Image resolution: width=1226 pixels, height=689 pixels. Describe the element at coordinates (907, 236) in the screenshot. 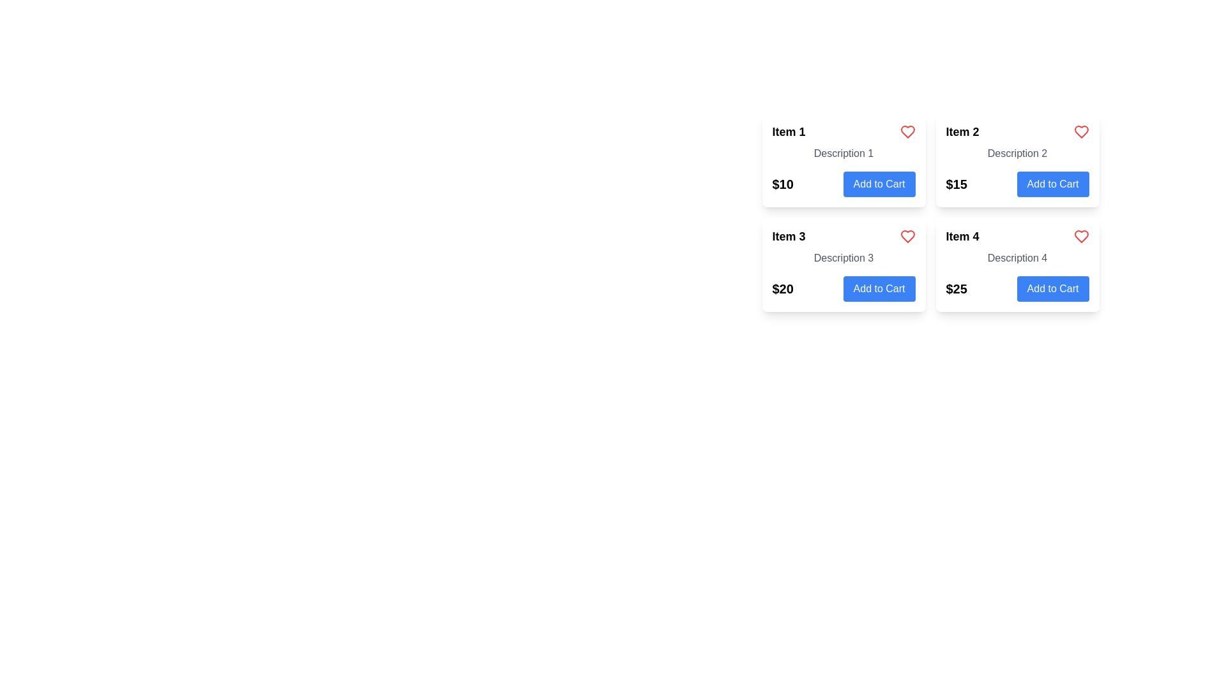

I see `the heart-shaped icon button outlined in red located to the right of the header 'Item 3'` at that location.